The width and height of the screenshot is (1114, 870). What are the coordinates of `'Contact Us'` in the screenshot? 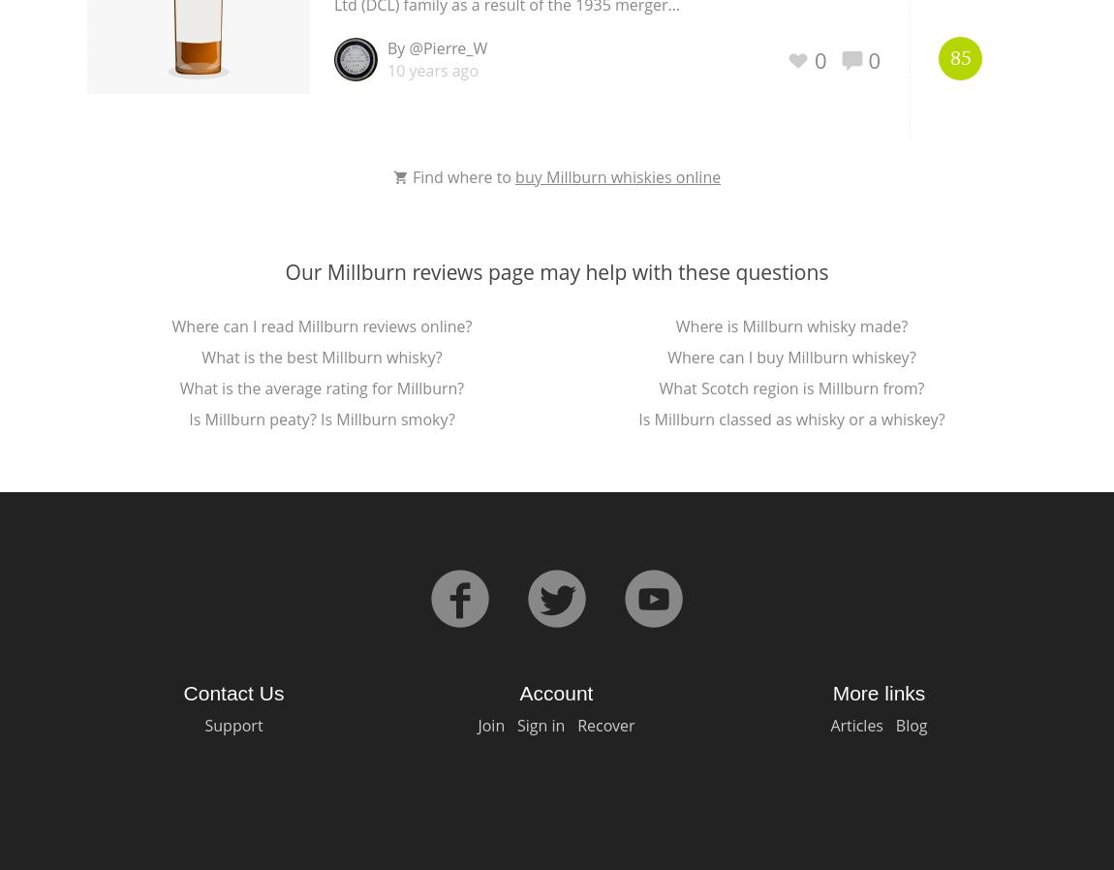 It's located at (232, 693).